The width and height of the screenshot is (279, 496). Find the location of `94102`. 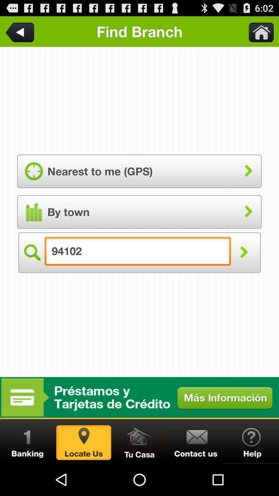

94102 is located at coordinates (139, 441).